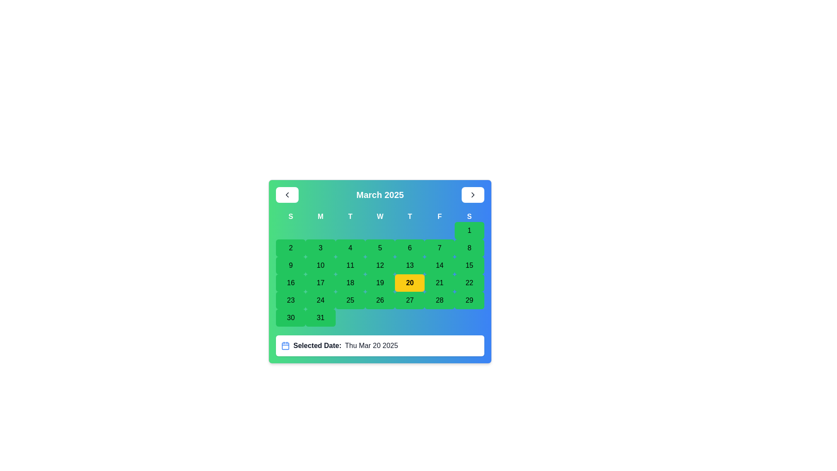 The width and height of the screenshot is (837, 471). I want to click on the button representing the calendar date March 5, 2025, so click(380, 248).